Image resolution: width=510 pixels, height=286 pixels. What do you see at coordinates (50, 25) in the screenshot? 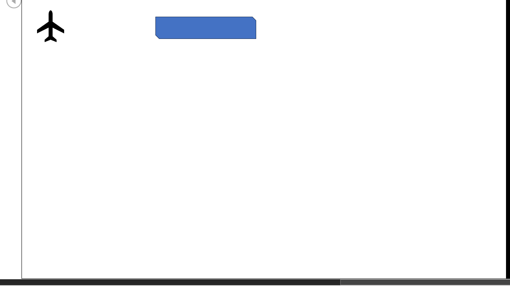
I see `'Airplane with solid fill'` at bounding box center [50, 25].